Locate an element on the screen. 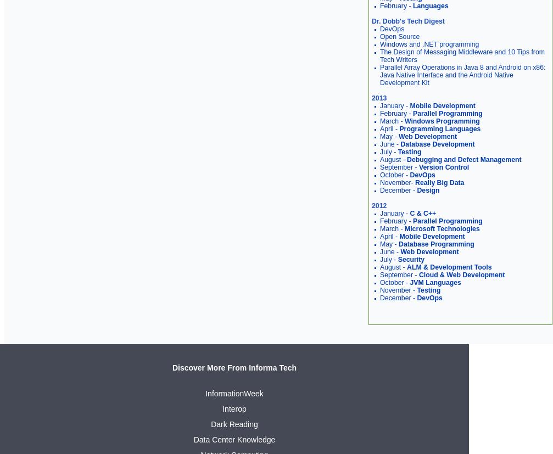 The height and width of the screenshot is (454, 553). 'C & C++' is located at coordinates (422, 213).